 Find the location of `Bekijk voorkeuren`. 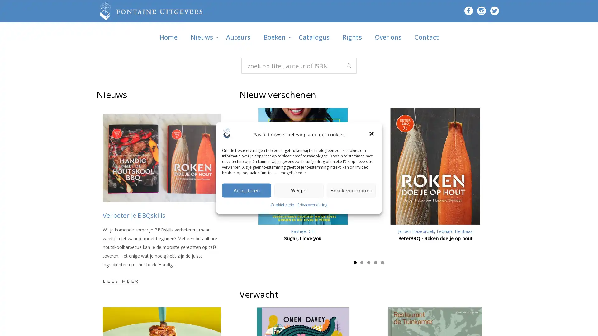

Bekijk voorkeuren is located at coordinates (351, 190).